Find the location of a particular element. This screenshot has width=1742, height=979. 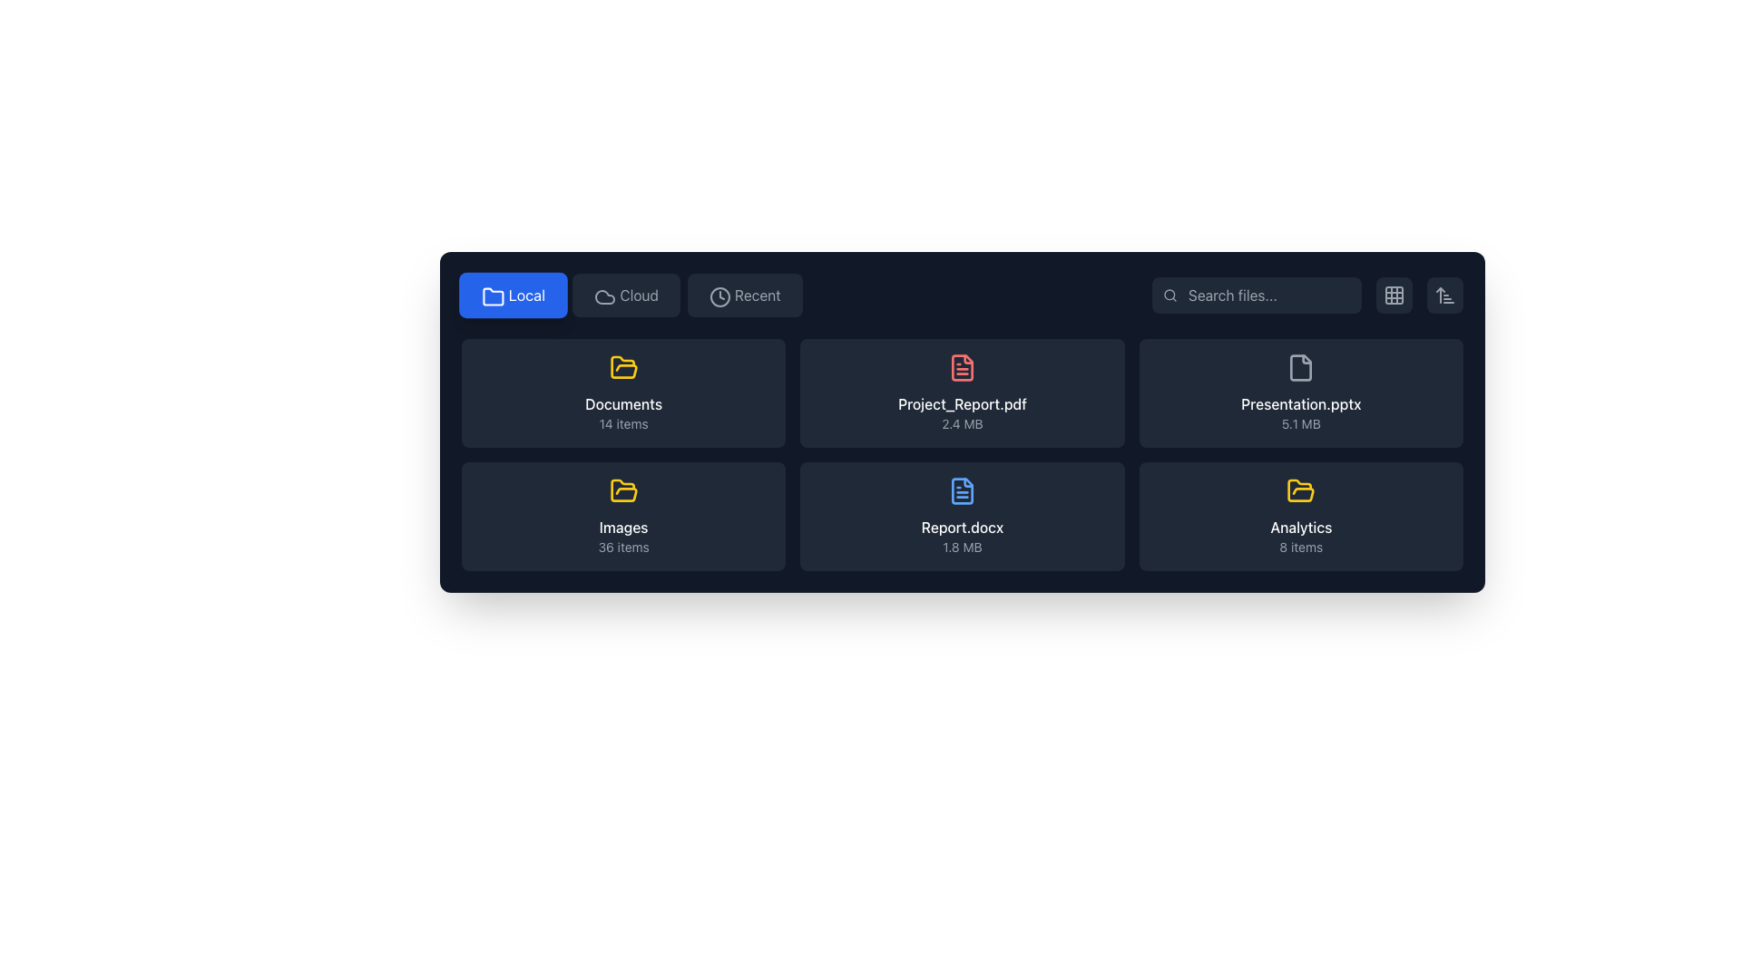

the text label displaying '36 items', which is styled with a smaller, gray font and is positioned beneath the 'Images' label is located at coordinates (623, 547).